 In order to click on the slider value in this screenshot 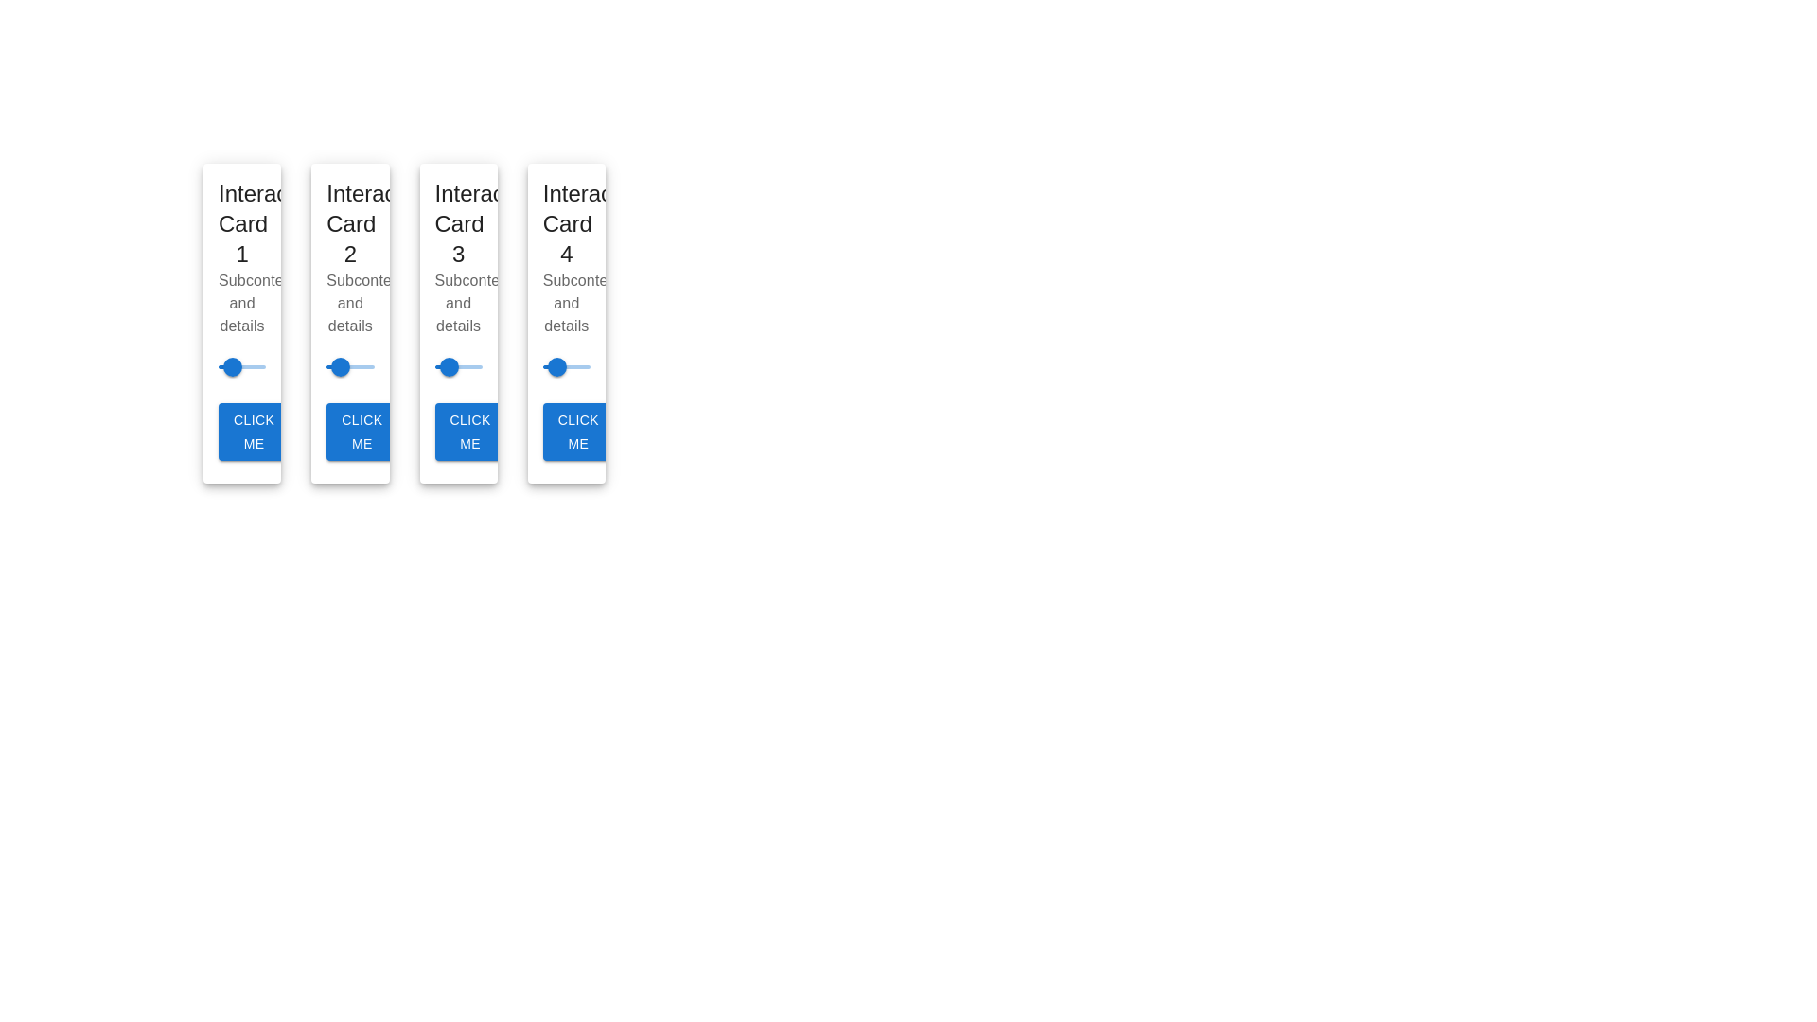, I will do `click(462, 367)`.